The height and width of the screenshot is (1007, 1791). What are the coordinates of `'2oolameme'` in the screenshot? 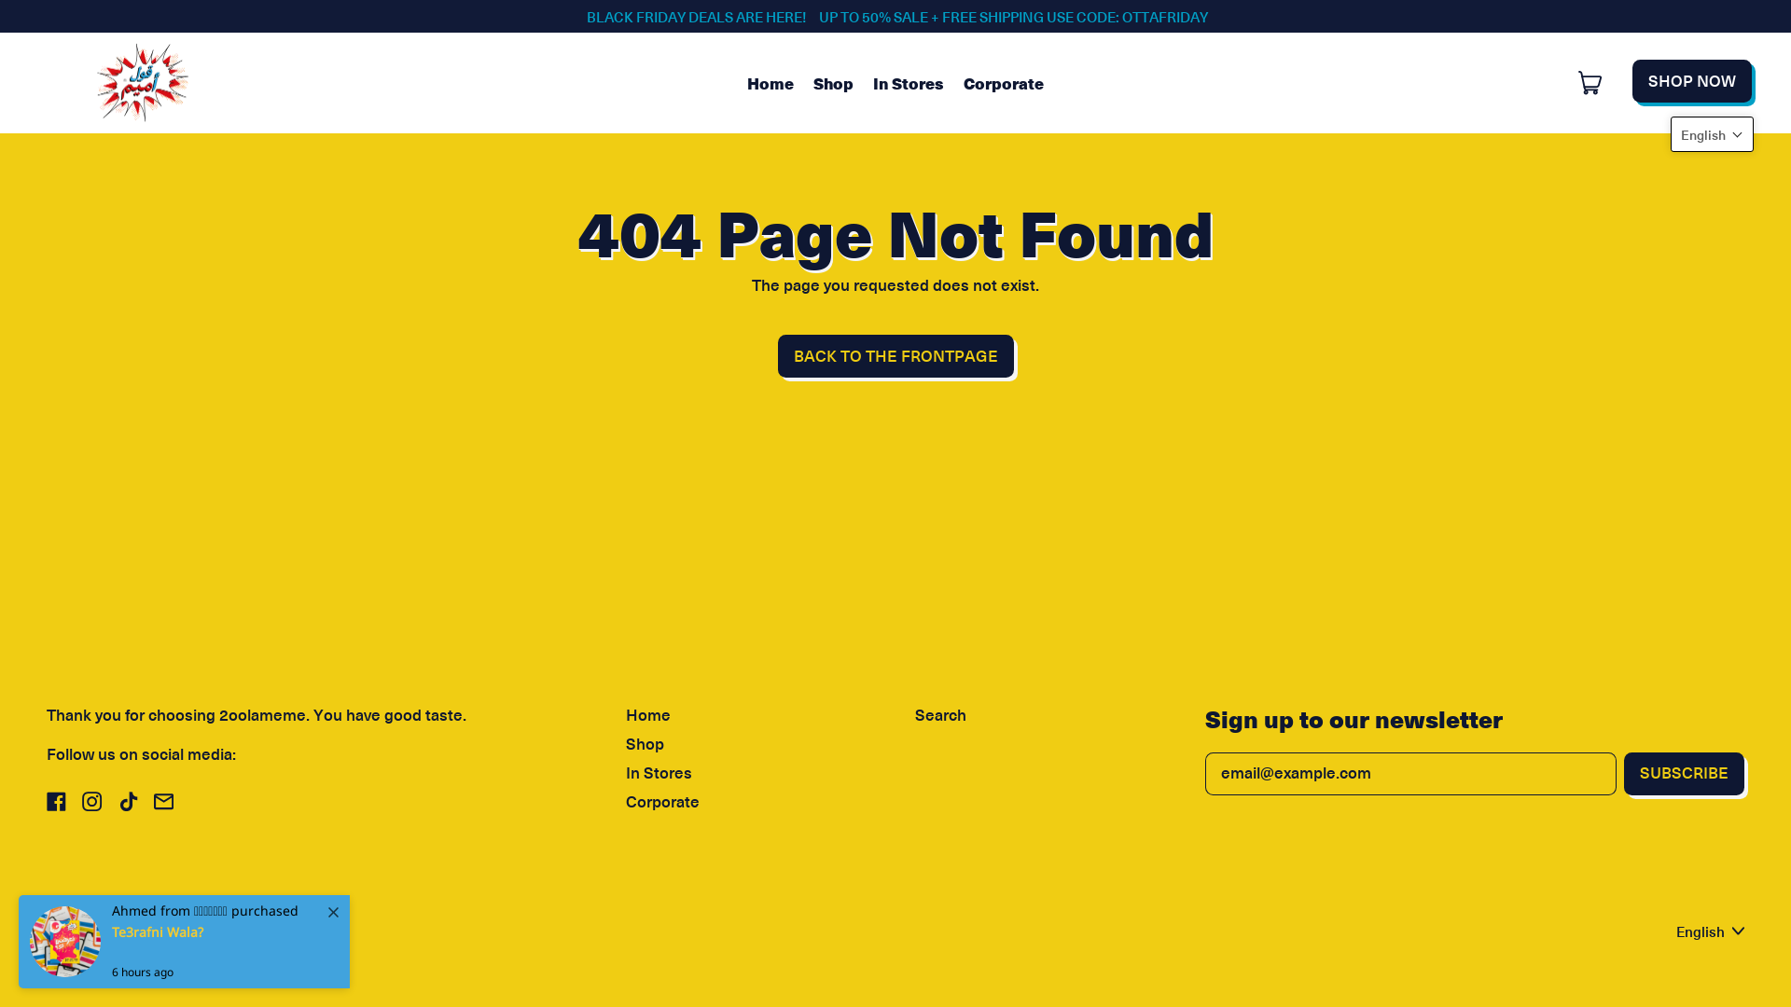 It's located at (100, 926).